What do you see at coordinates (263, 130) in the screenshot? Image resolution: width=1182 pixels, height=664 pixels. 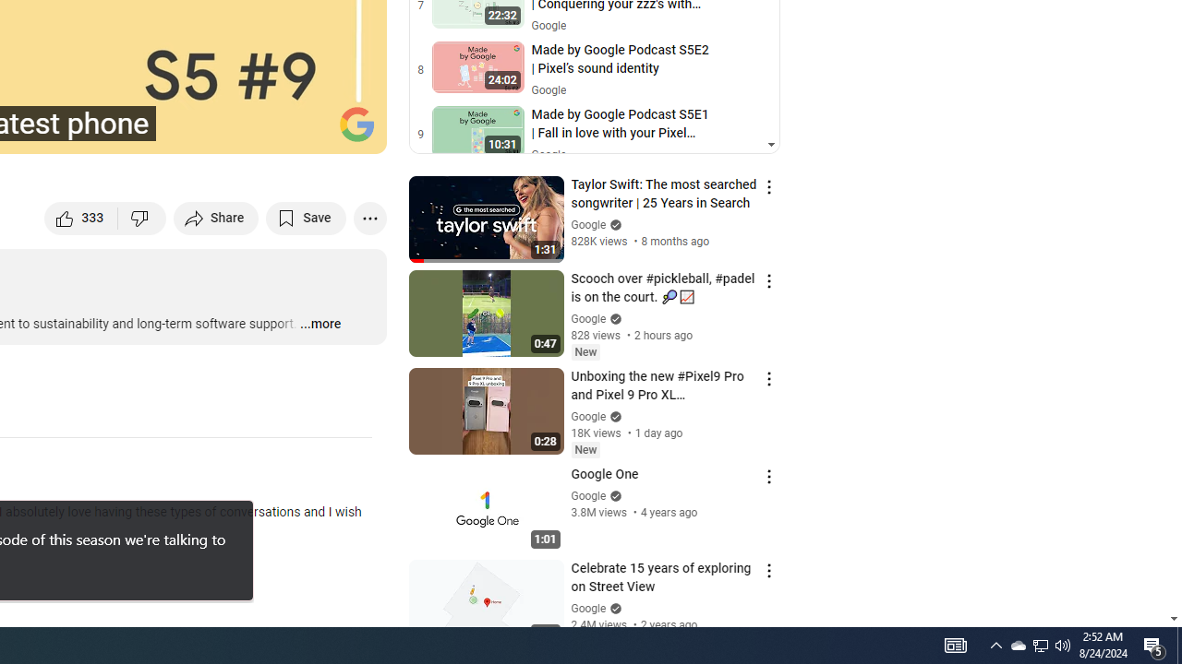 I see `'Miniplayer (i)'` at bounding box center [263, 130].